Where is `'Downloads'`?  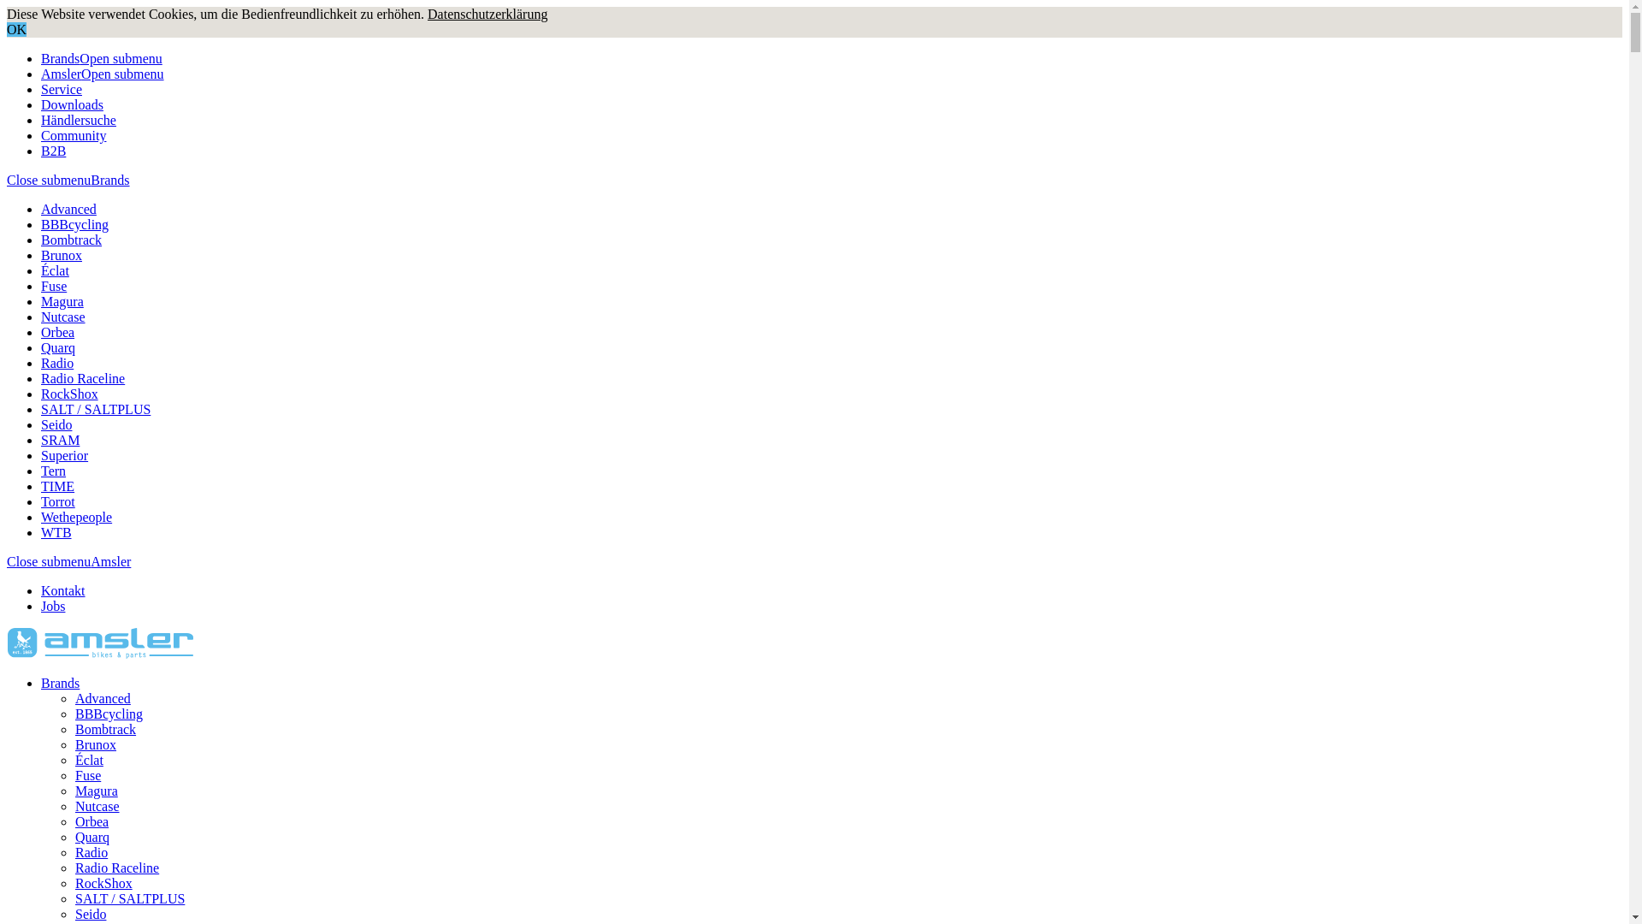 'Downloads' is located at coordinates (71, 104).